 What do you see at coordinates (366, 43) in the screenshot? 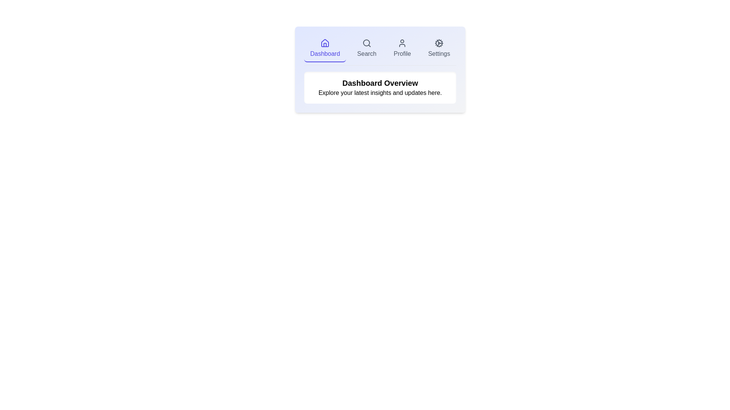
I see `the inner circular component of the SVG search icon, which is part of a navigation bar, by clicking on the encompassing search icon` at bounding box center [366, 43].